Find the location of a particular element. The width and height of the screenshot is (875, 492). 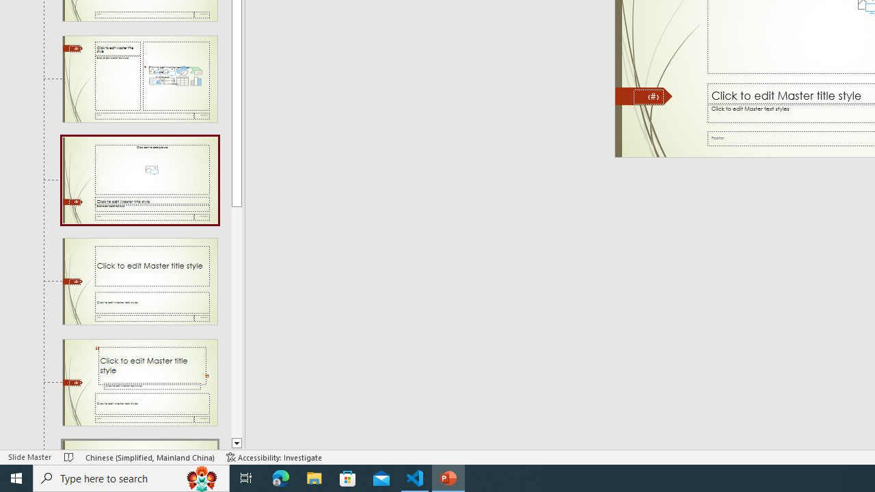

'Spell Check No Errors' is located at coordinates (68, 457).